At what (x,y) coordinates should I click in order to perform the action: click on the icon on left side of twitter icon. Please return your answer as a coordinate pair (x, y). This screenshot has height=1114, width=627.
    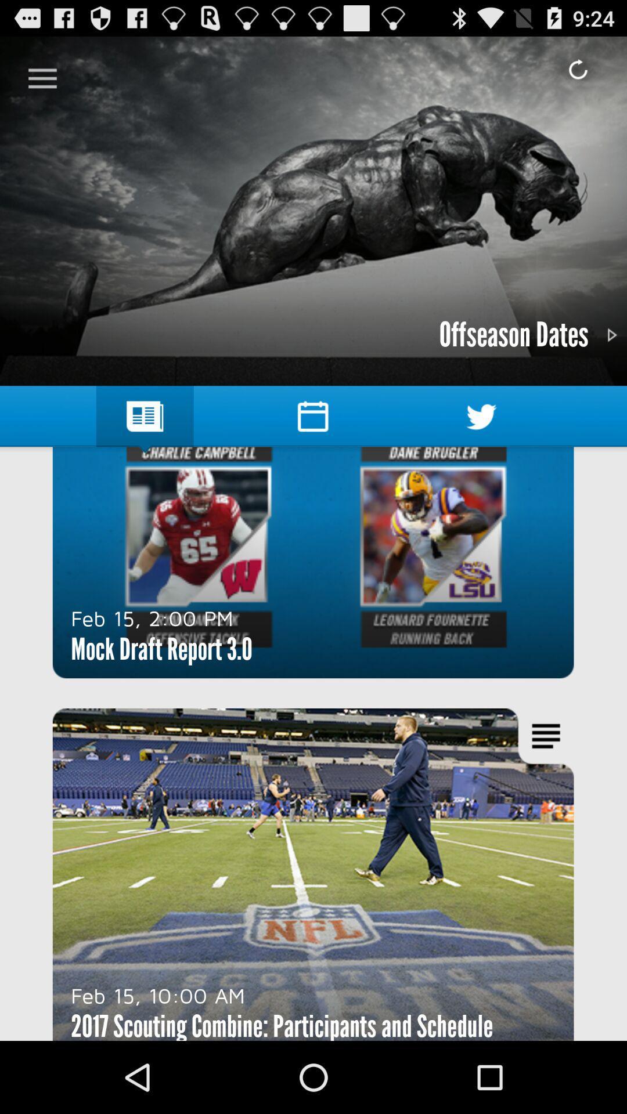
    Looking at the image, I should click on (312, 417).